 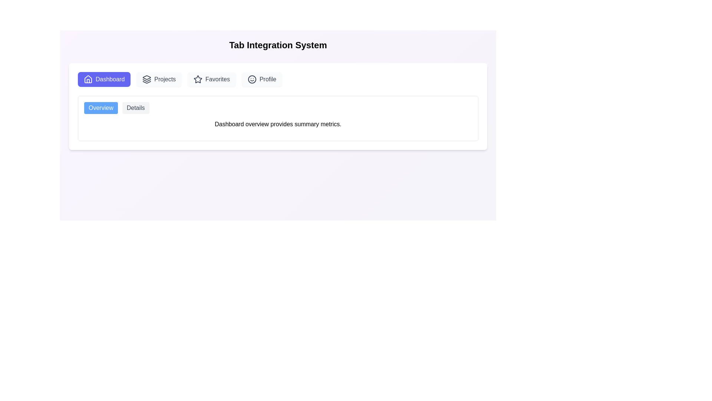 What do you see at coordinates (88, 79) in the screenshot?
I see `the house SVG icon located in the top navigation bar, adjacent to the 'Dashboard' label` at bounding box center [88, 79].